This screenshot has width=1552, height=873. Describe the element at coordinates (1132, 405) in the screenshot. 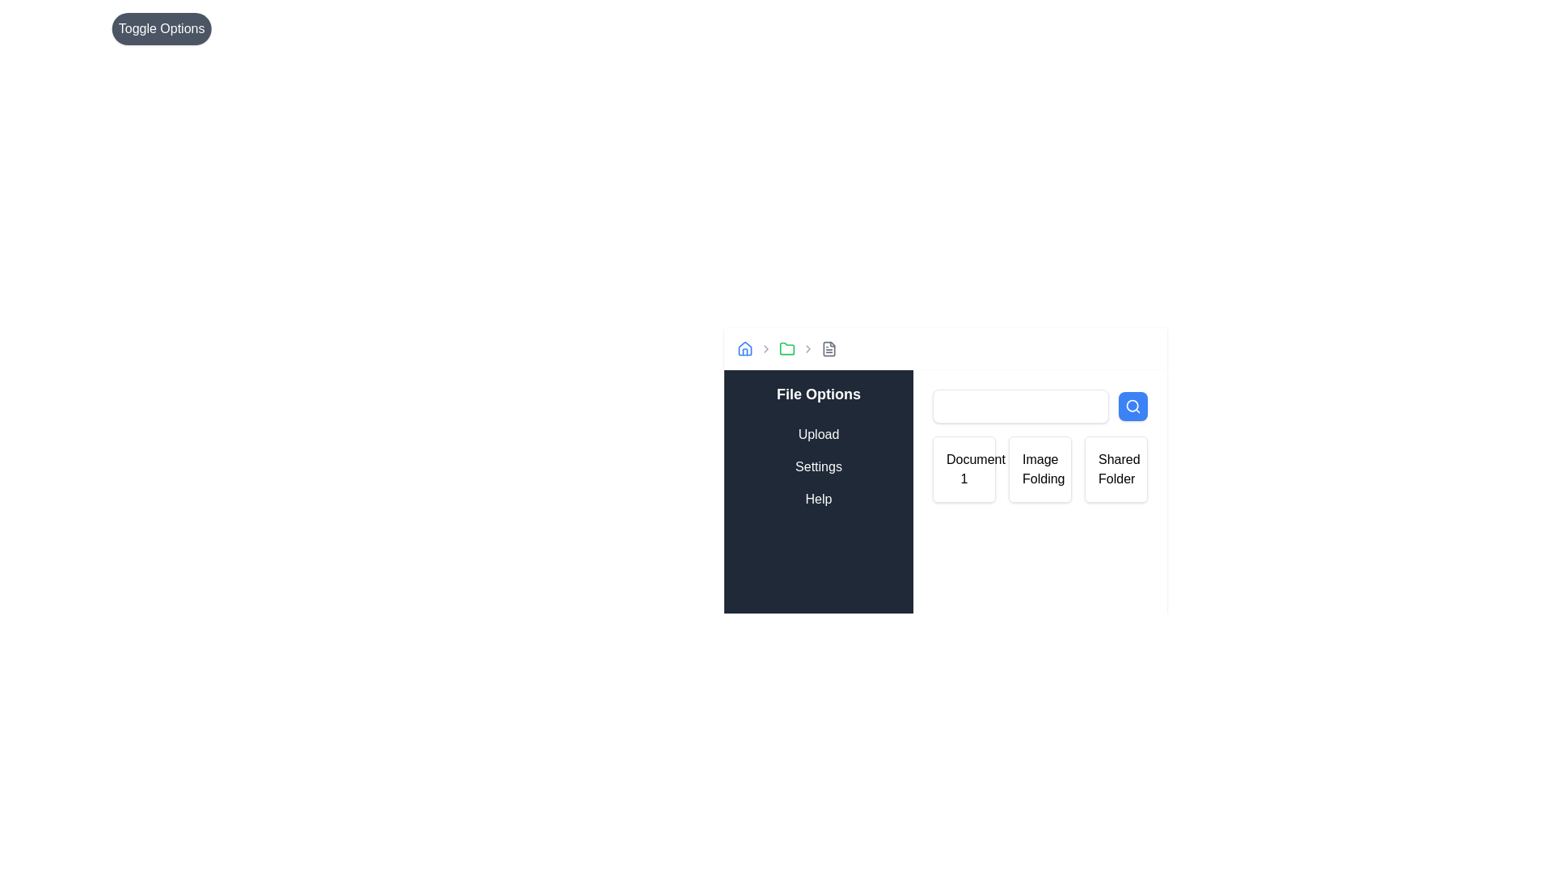

I see `the magnifying glass icon within the search button, which is styled with a blue background and located near the top-right part of the interface` at that location.